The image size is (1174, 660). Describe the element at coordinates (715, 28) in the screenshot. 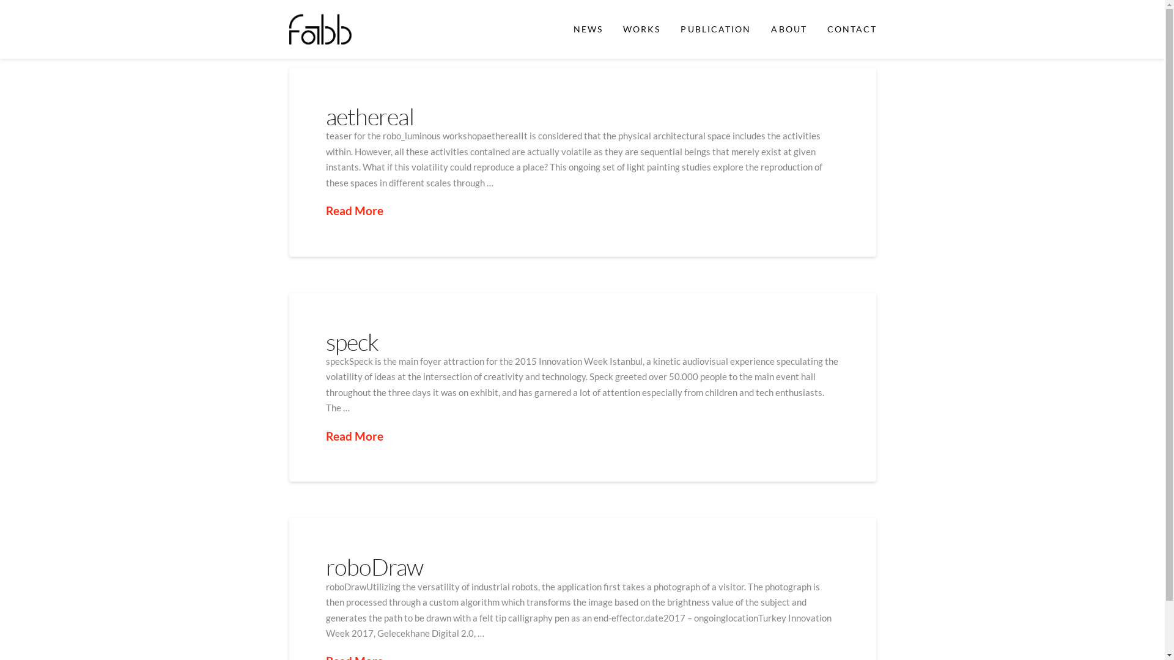

I see `'PUBLICATION'` at that location.